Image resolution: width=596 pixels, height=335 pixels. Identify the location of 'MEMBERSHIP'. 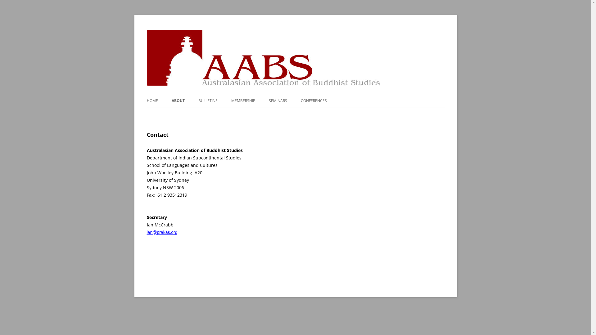
(242, 100).